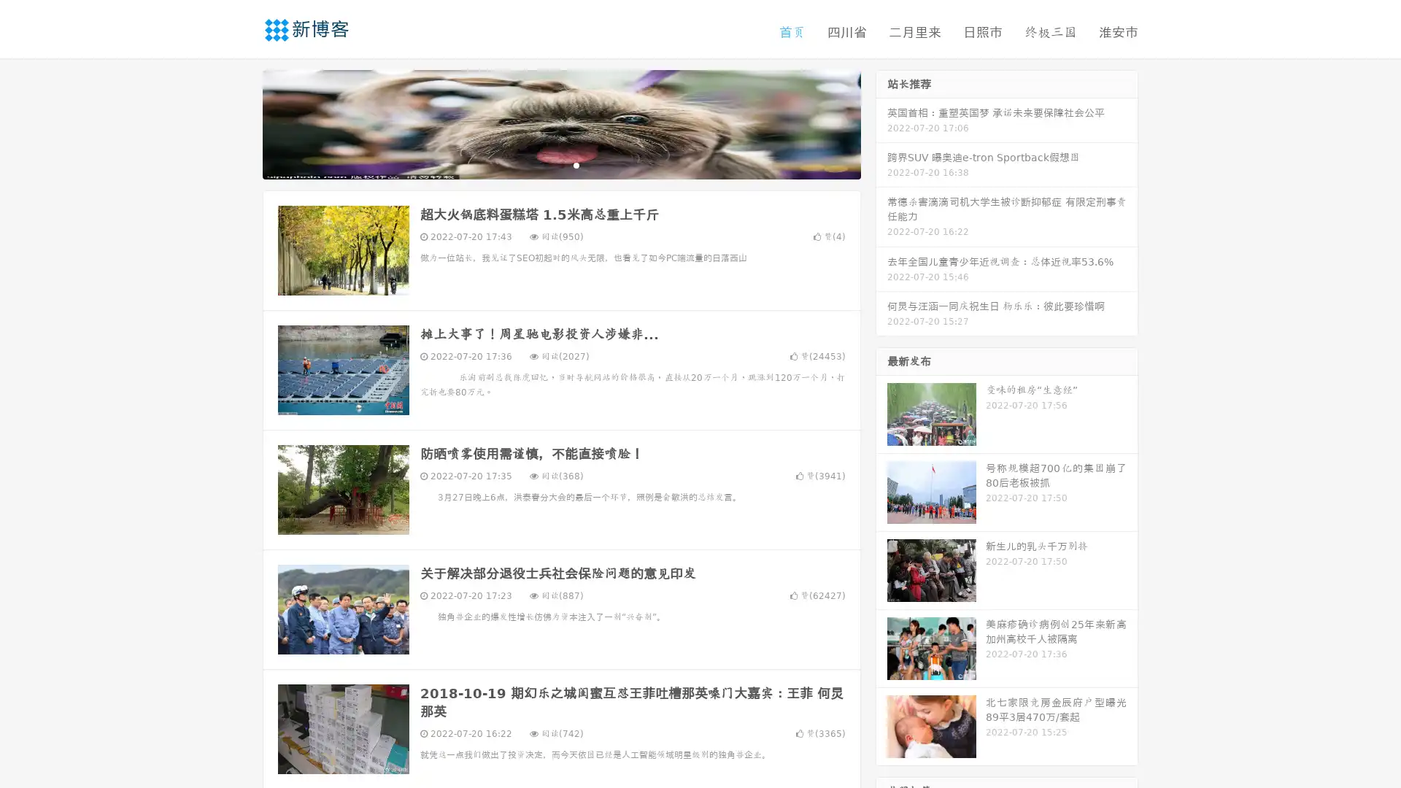  Describe the element at coordinates (560, 164) in the screenshot. I see `Go to slide 2` at that location.